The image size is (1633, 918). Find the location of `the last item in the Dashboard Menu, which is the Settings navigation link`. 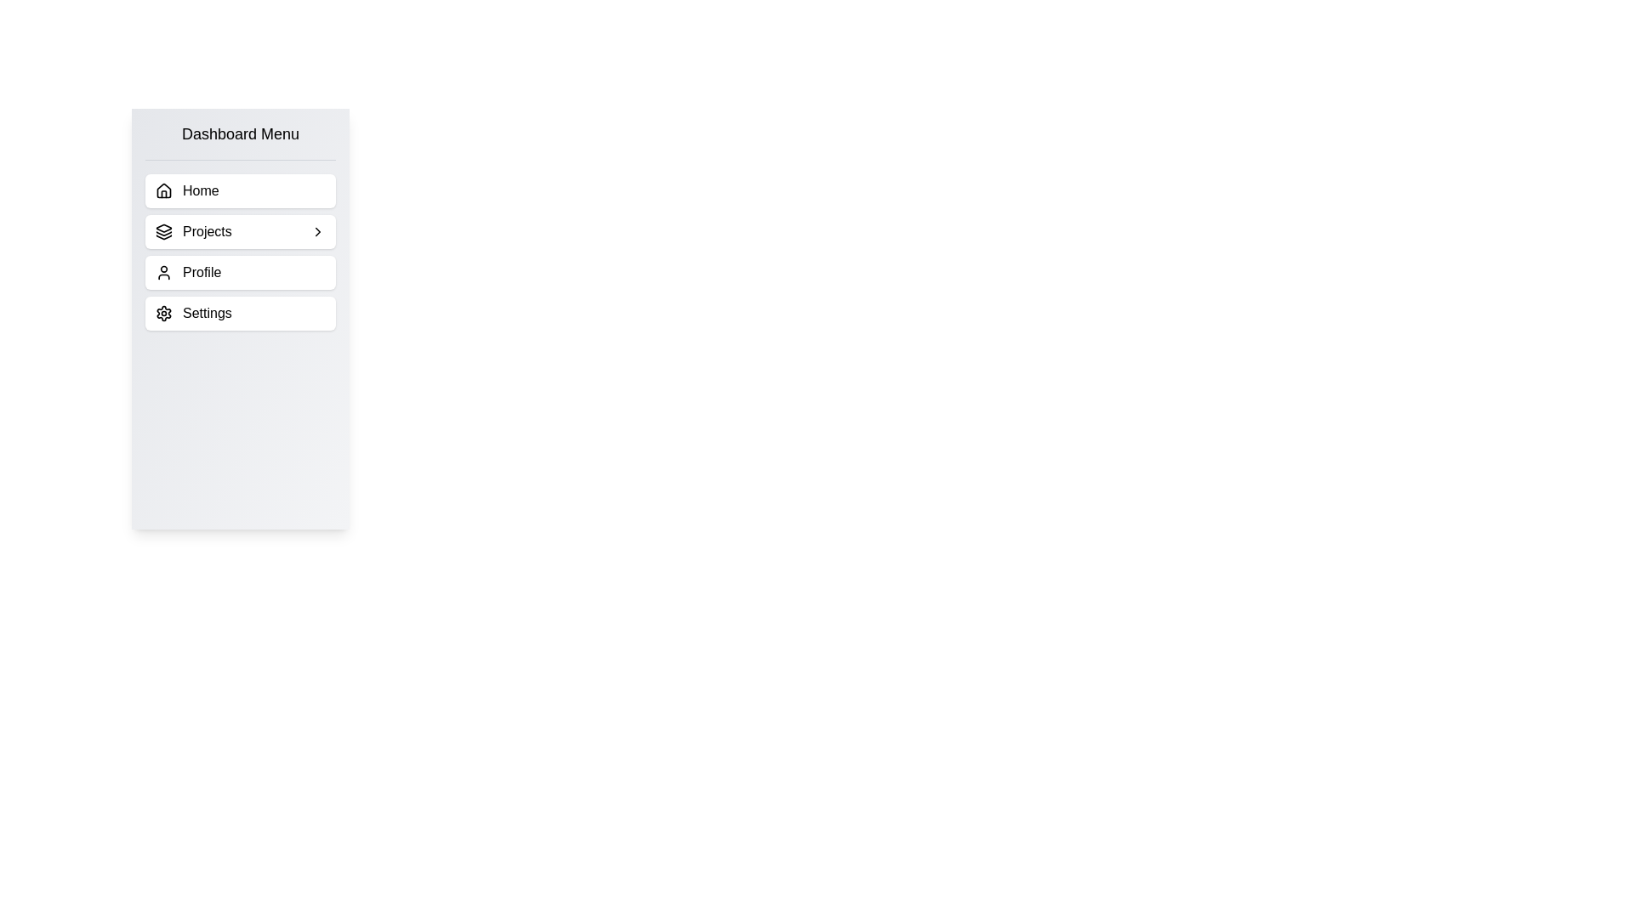

the last item in the Dashboard Menu, which is the Settings navigation link is located at coordinates (193, 314).